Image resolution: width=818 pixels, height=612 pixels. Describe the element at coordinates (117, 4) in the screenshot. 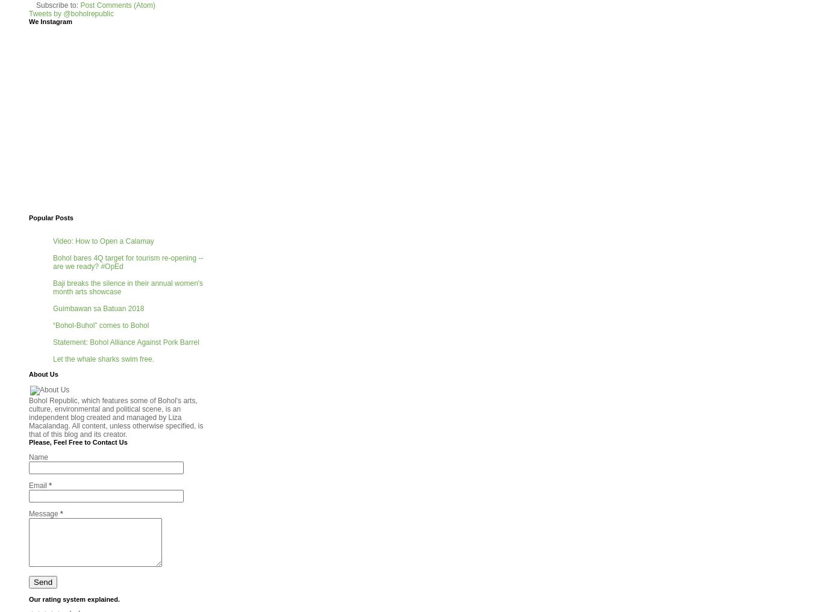

I see `'Post Comments (Atom)'` at that location.